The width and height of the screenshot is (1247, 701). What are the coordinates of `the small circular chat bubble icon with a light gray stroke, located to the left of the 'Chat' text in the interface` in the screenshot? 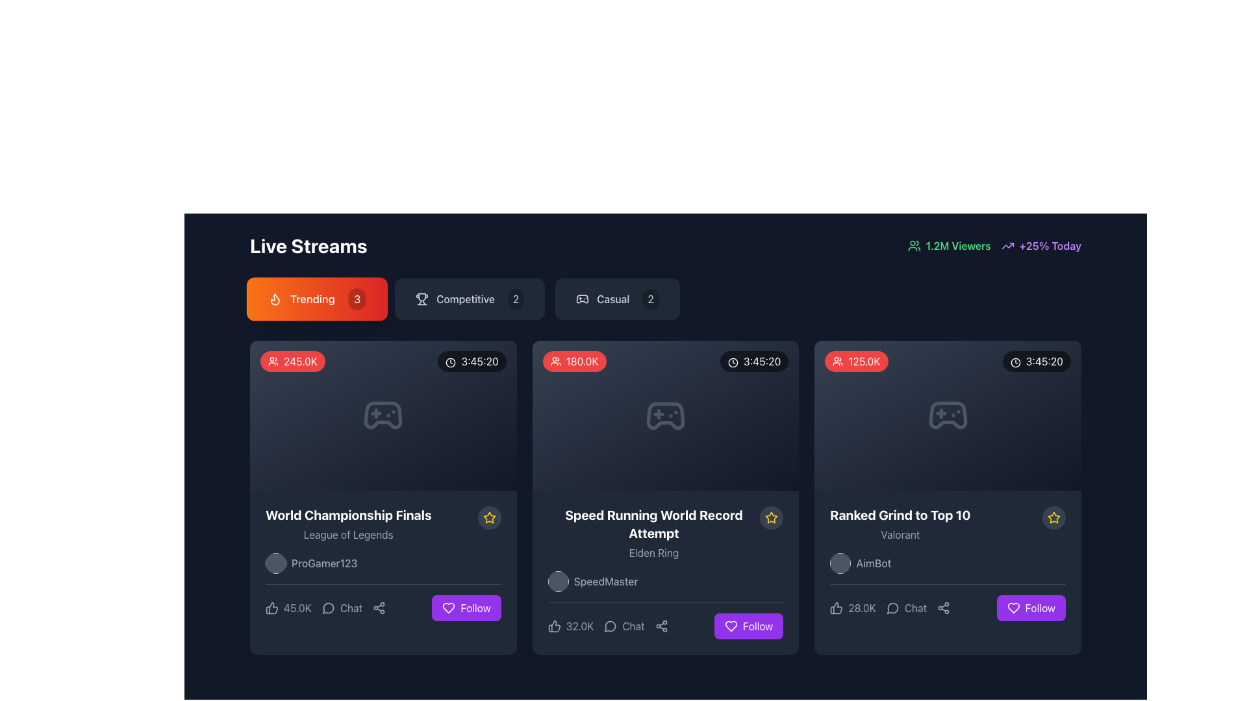 It's located at (892, 608).